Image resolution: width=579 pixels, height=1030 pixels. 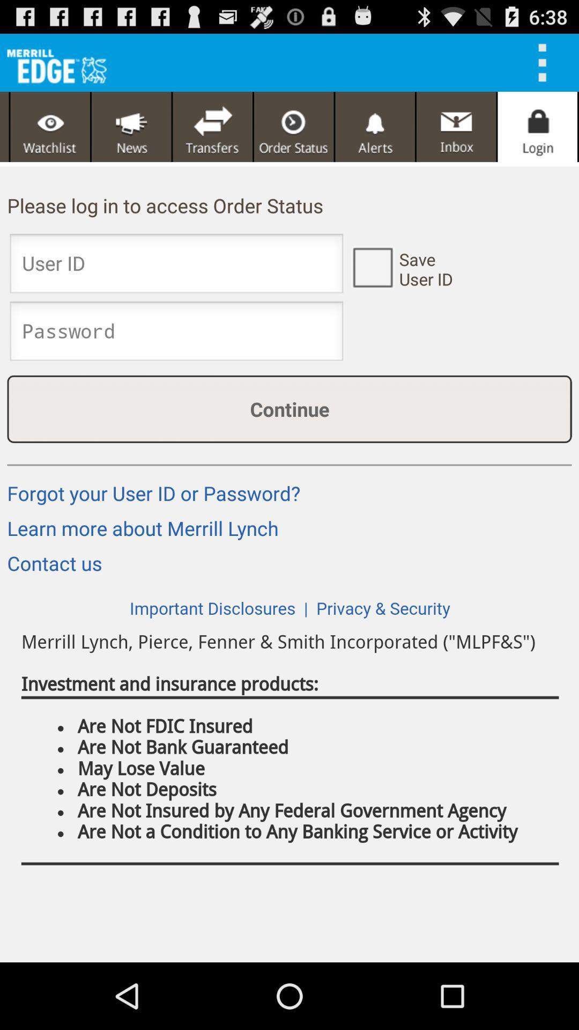 What do you see at coordinates (537, 135) in the screenshot?
I see `the lock icon` at bounding box center [537, 135].